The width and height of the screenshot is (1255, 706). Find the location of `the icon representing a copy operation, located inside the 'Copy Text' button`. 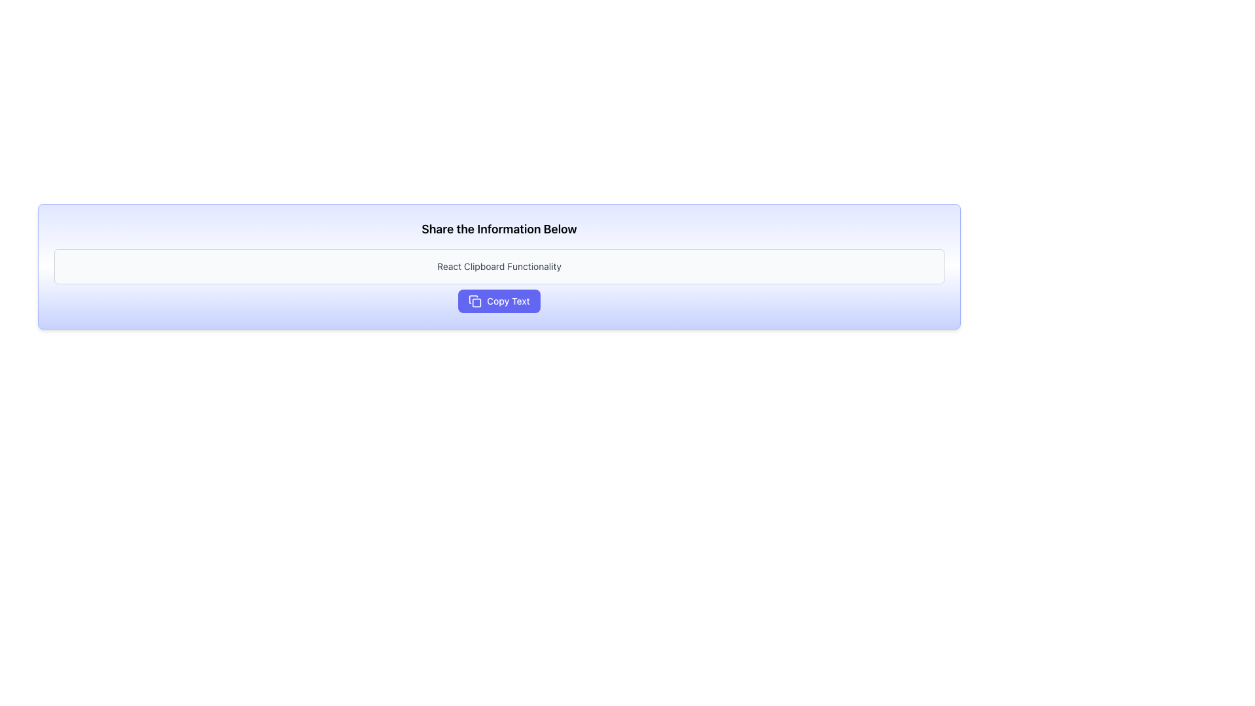

the icon representing a copy operation, located inside the 'Copy Text' button is located at coordinates (475, 301).